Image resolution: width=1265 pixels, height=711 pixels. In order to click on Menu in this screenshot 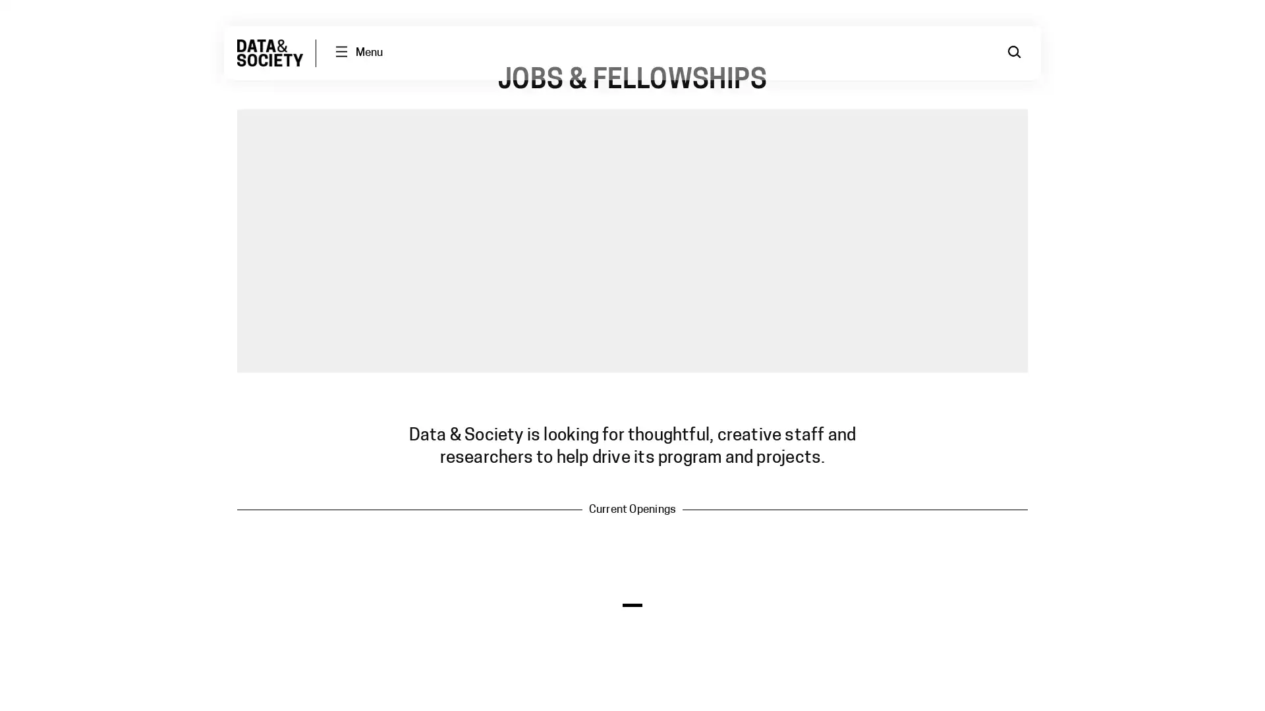, I will do `click(358, 52)`.